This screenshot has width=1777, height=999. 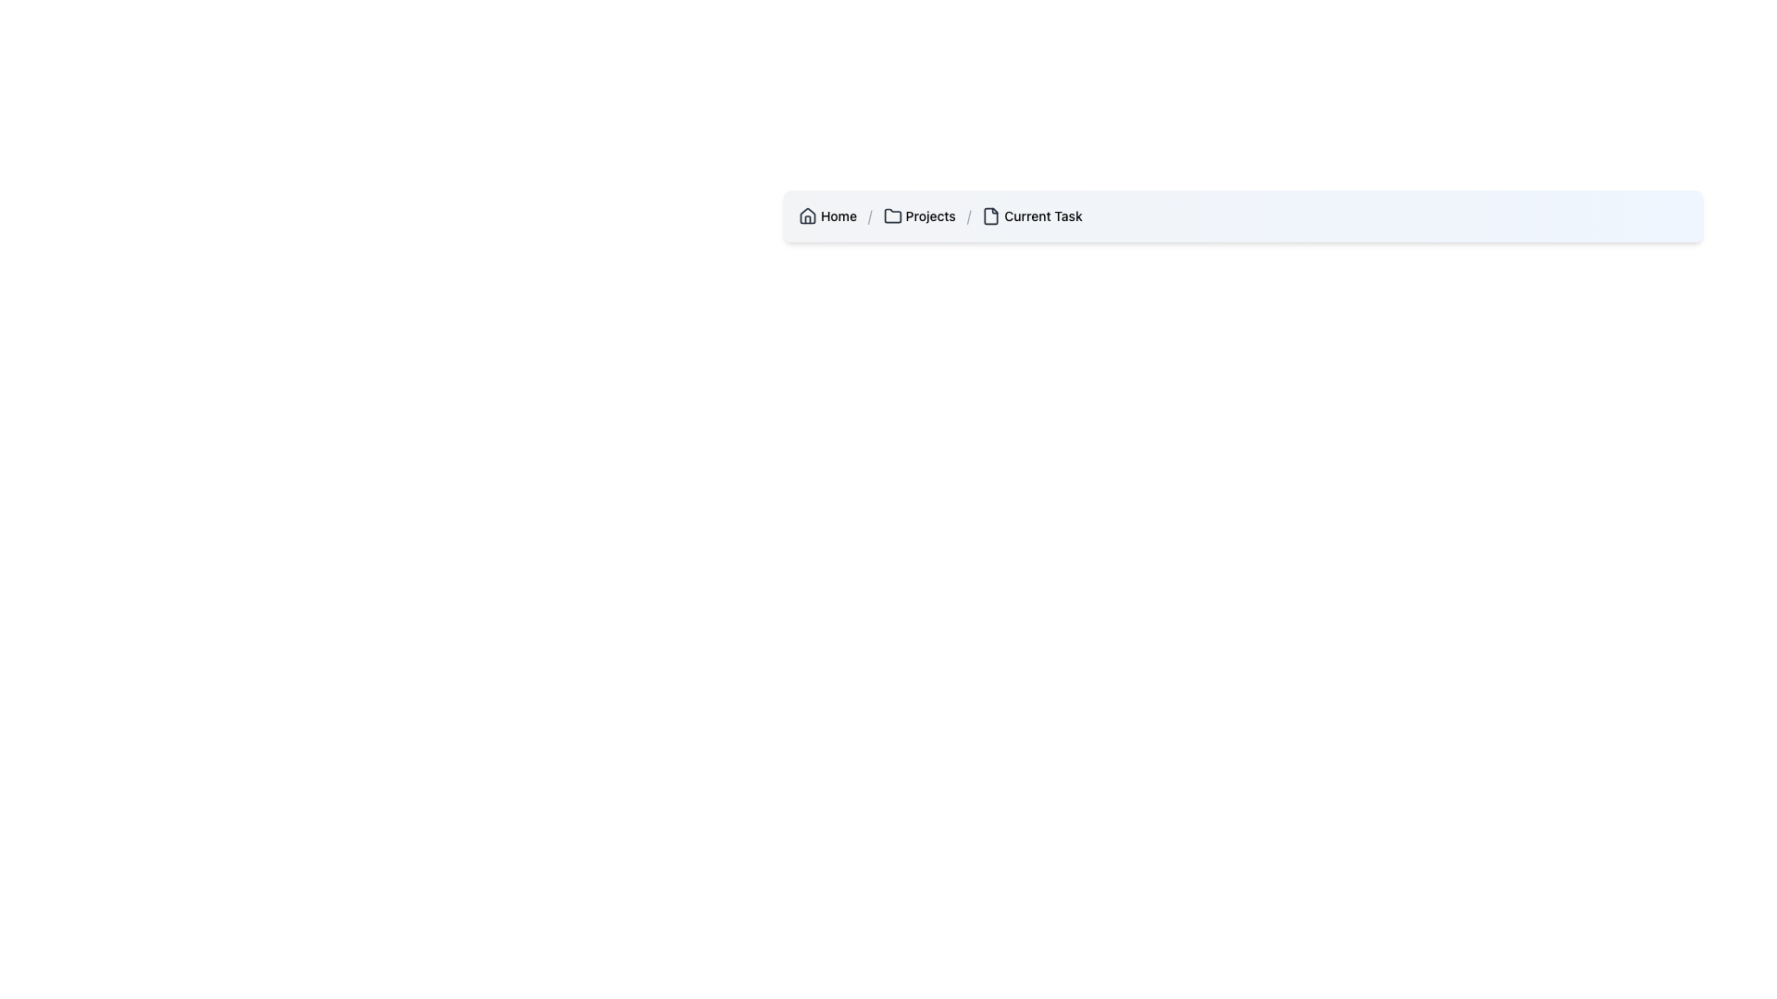 What do you see at coordinates (968, 216) in the screenshot?
I see `the separator text element in the breadcrumb navigation bar, which visually separates 'Projects' and 'Current Task'` at bounding box center [968, 216].